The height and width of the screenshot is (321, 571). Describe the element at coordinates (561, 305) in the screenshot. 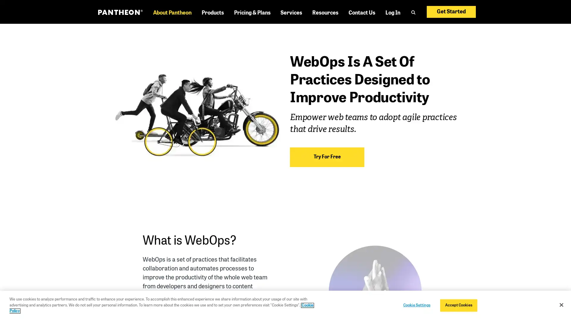

I see `Close` at that location.